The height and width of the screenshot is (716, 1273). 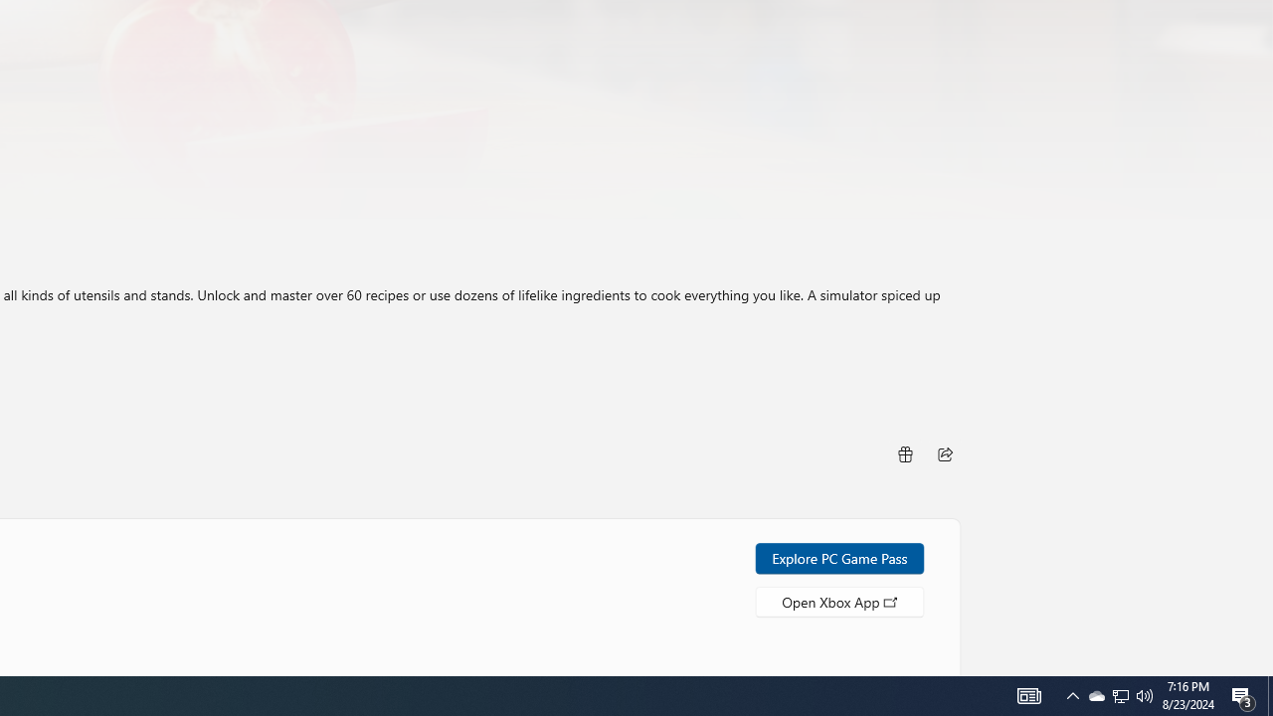 I want to click on 'Buy as gift', so click(x=903, y=453).